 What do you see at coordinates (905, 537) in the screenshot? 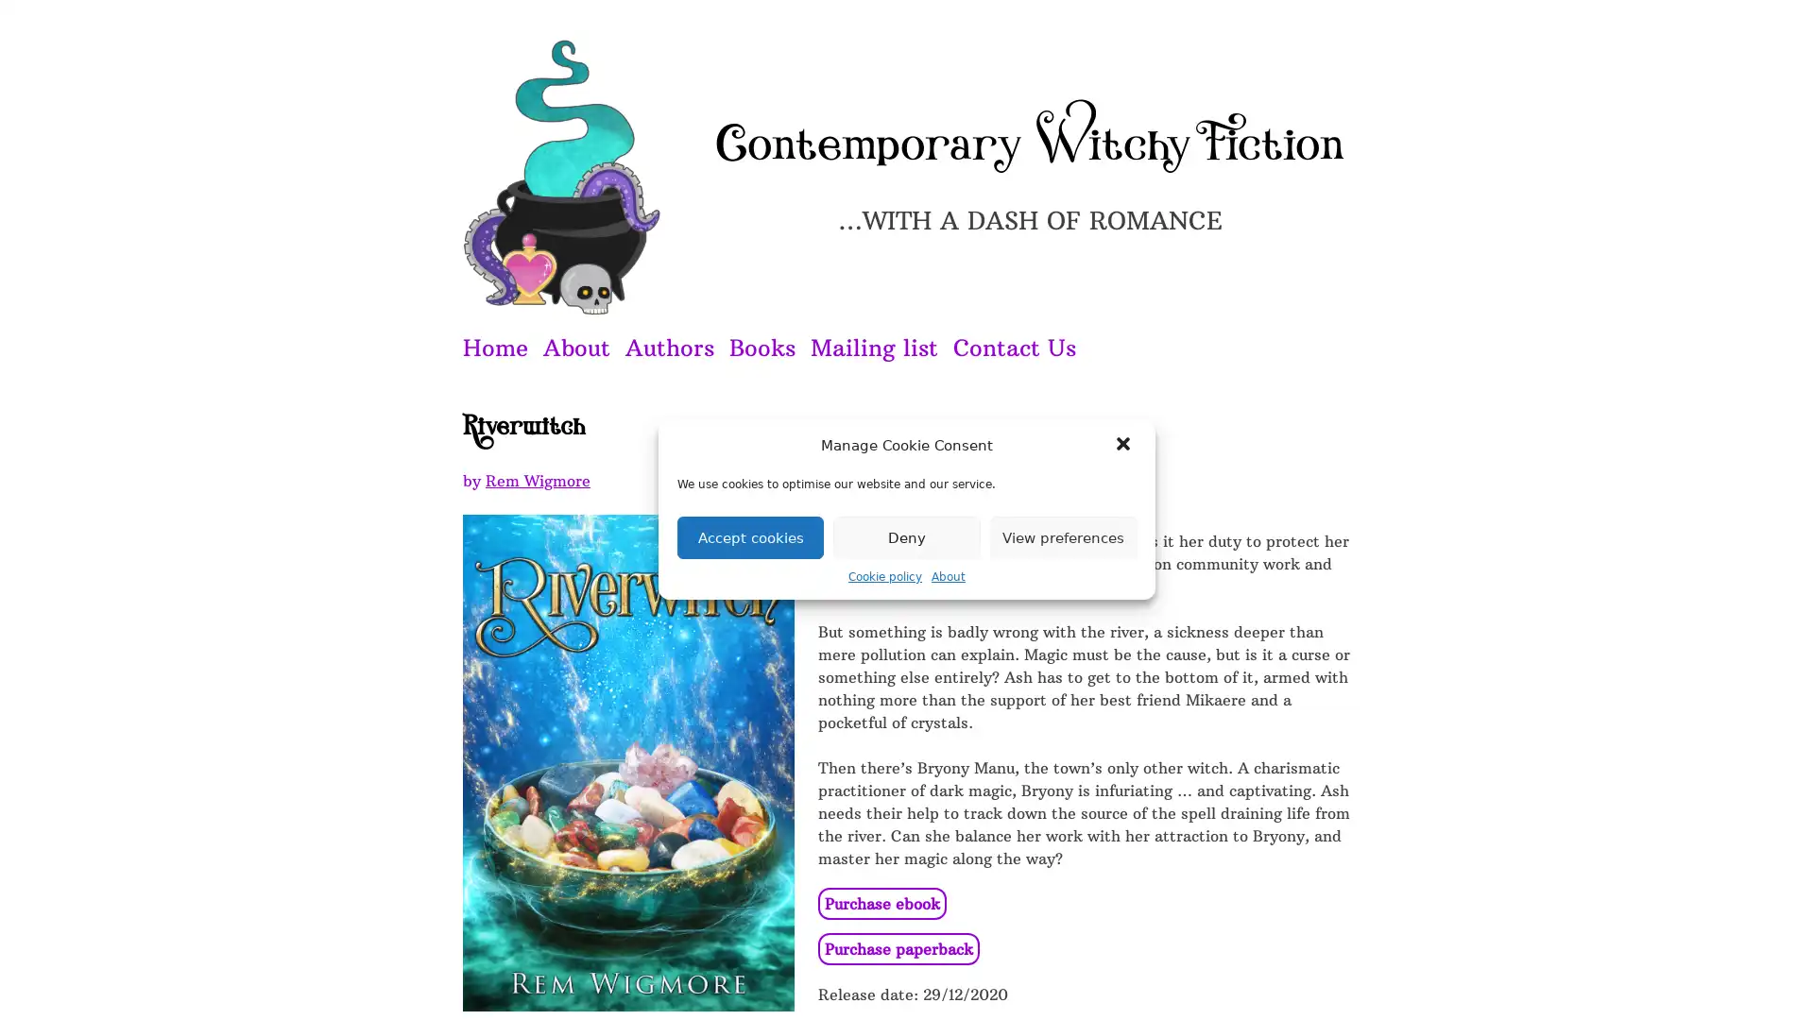
I see `Deny` at bounding box center [905, 537].